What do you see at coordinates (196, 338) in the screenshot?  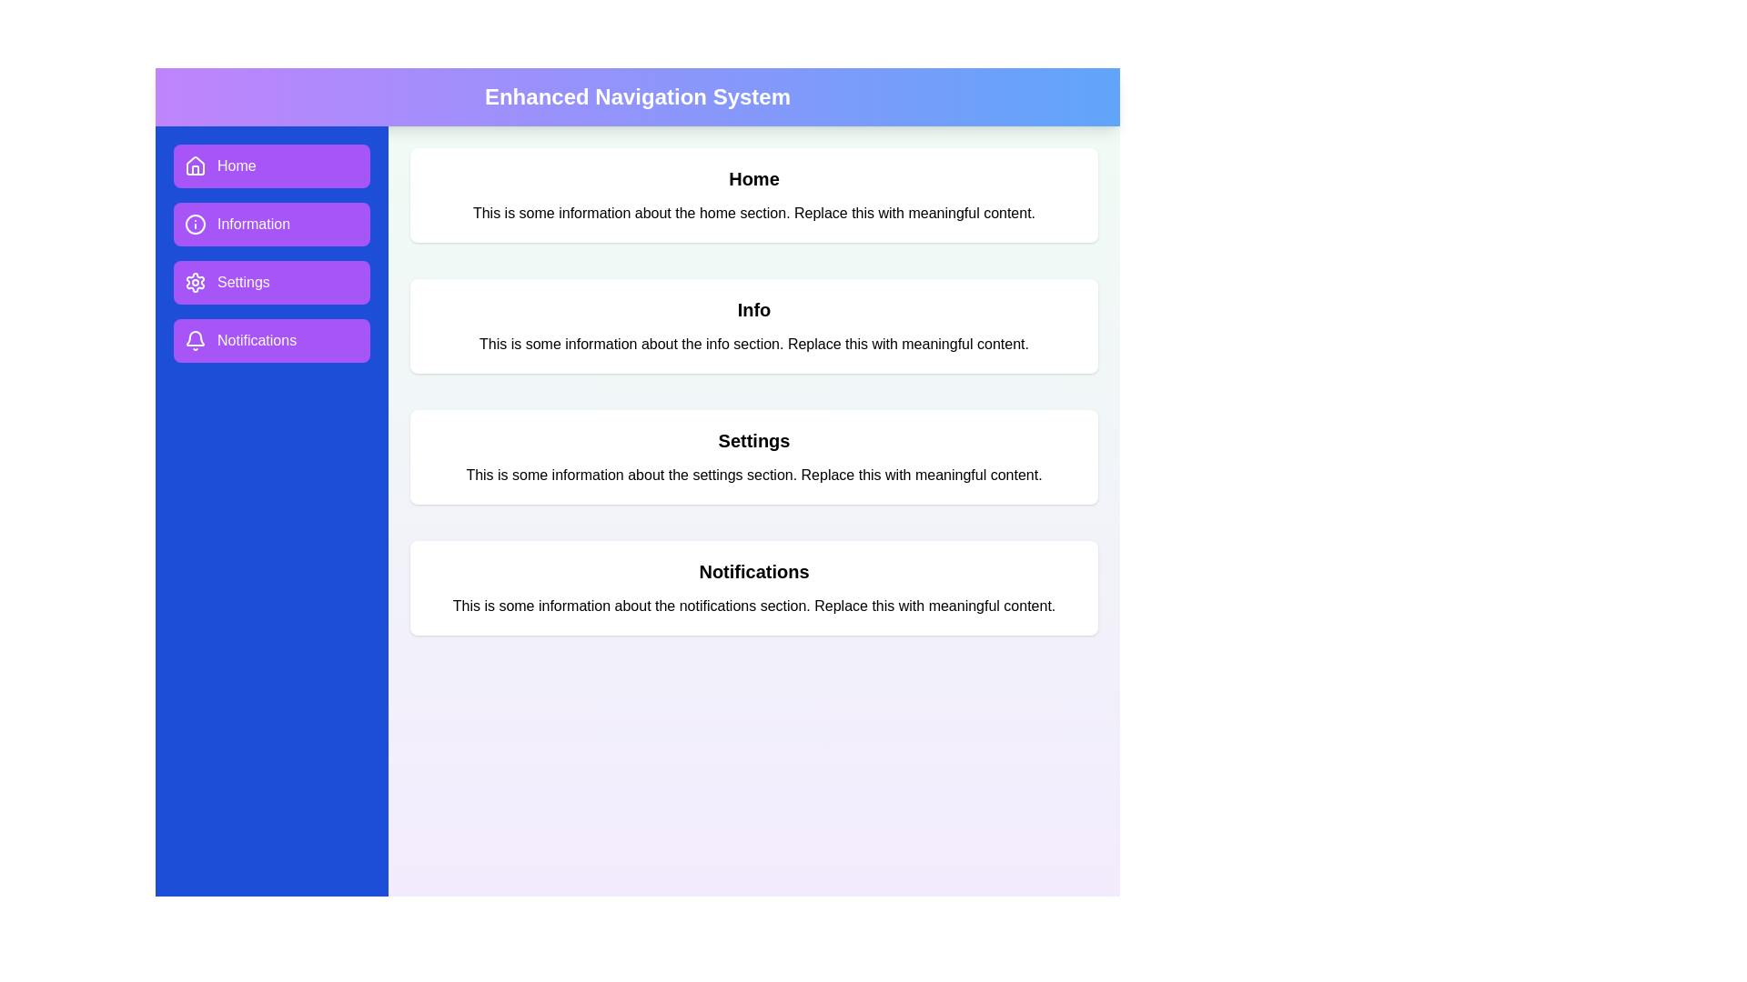 I see `the bell icon representing notifications within the 'Notifications' navigation button on the left-hand navigation panel` at bounding box center [196, 338].